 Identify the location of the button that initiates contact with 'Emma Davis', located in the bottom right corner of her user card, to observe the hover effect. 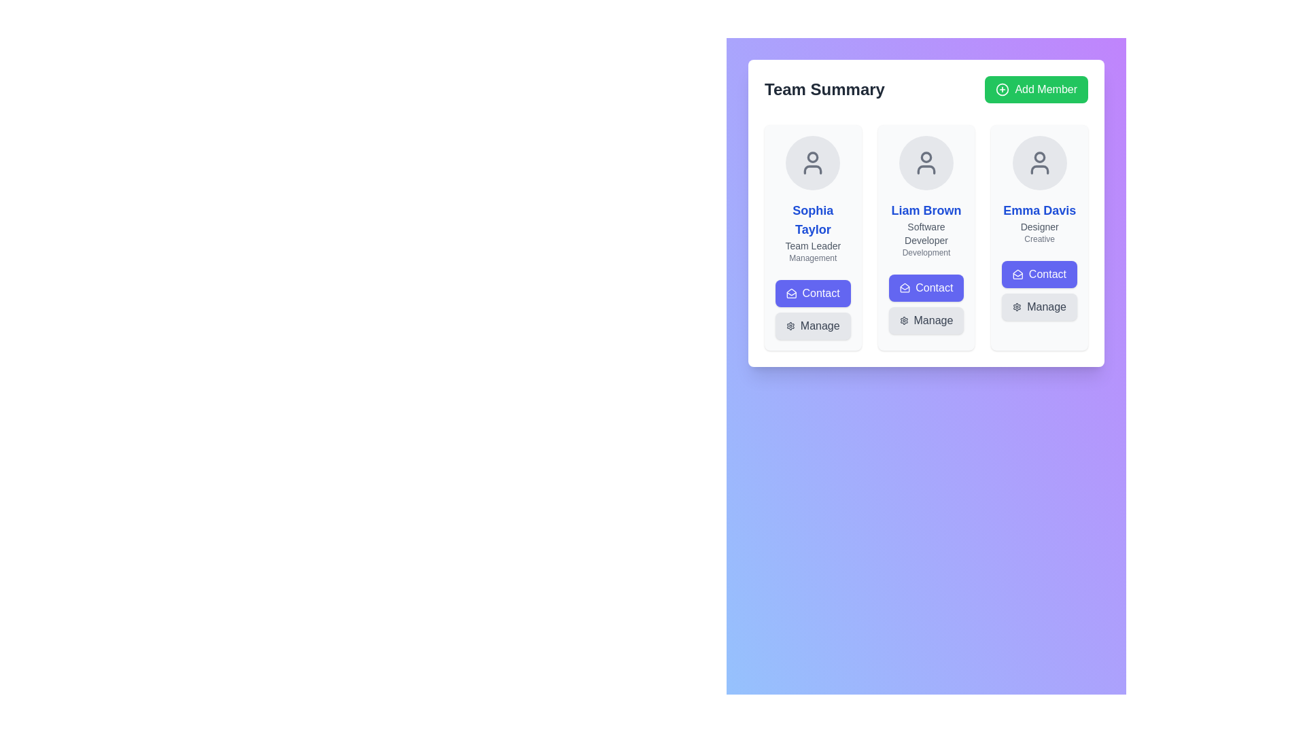
(1039, 275).